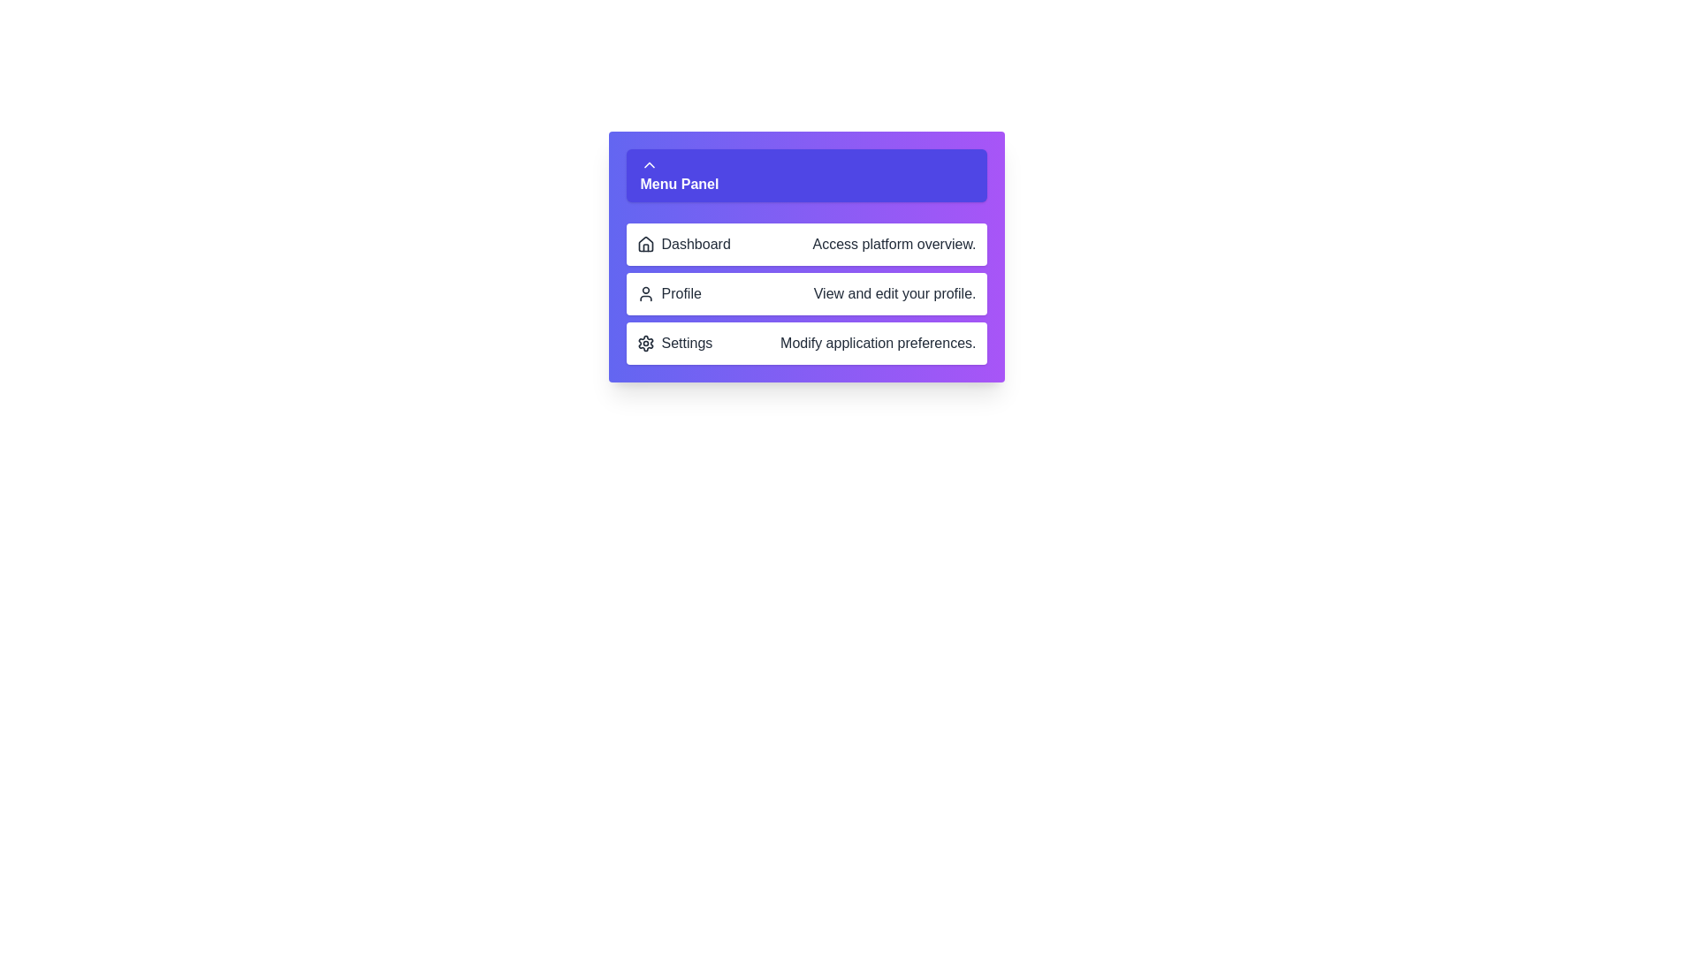  What do you see at coordinates (805, 245) in the screenshot?
I see `the menu item corresponding to Dashboard` at bounding box center [805, 245].